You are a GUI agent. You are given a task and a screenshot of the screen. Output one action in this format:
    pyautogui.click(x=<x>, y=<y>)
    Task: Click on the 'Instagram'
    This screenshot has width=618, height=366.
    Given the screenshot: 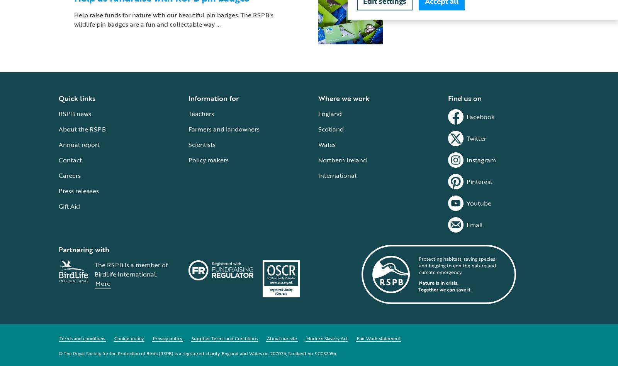 What is the action you would take?
    pyautogui.click(x=481, y=159)
    